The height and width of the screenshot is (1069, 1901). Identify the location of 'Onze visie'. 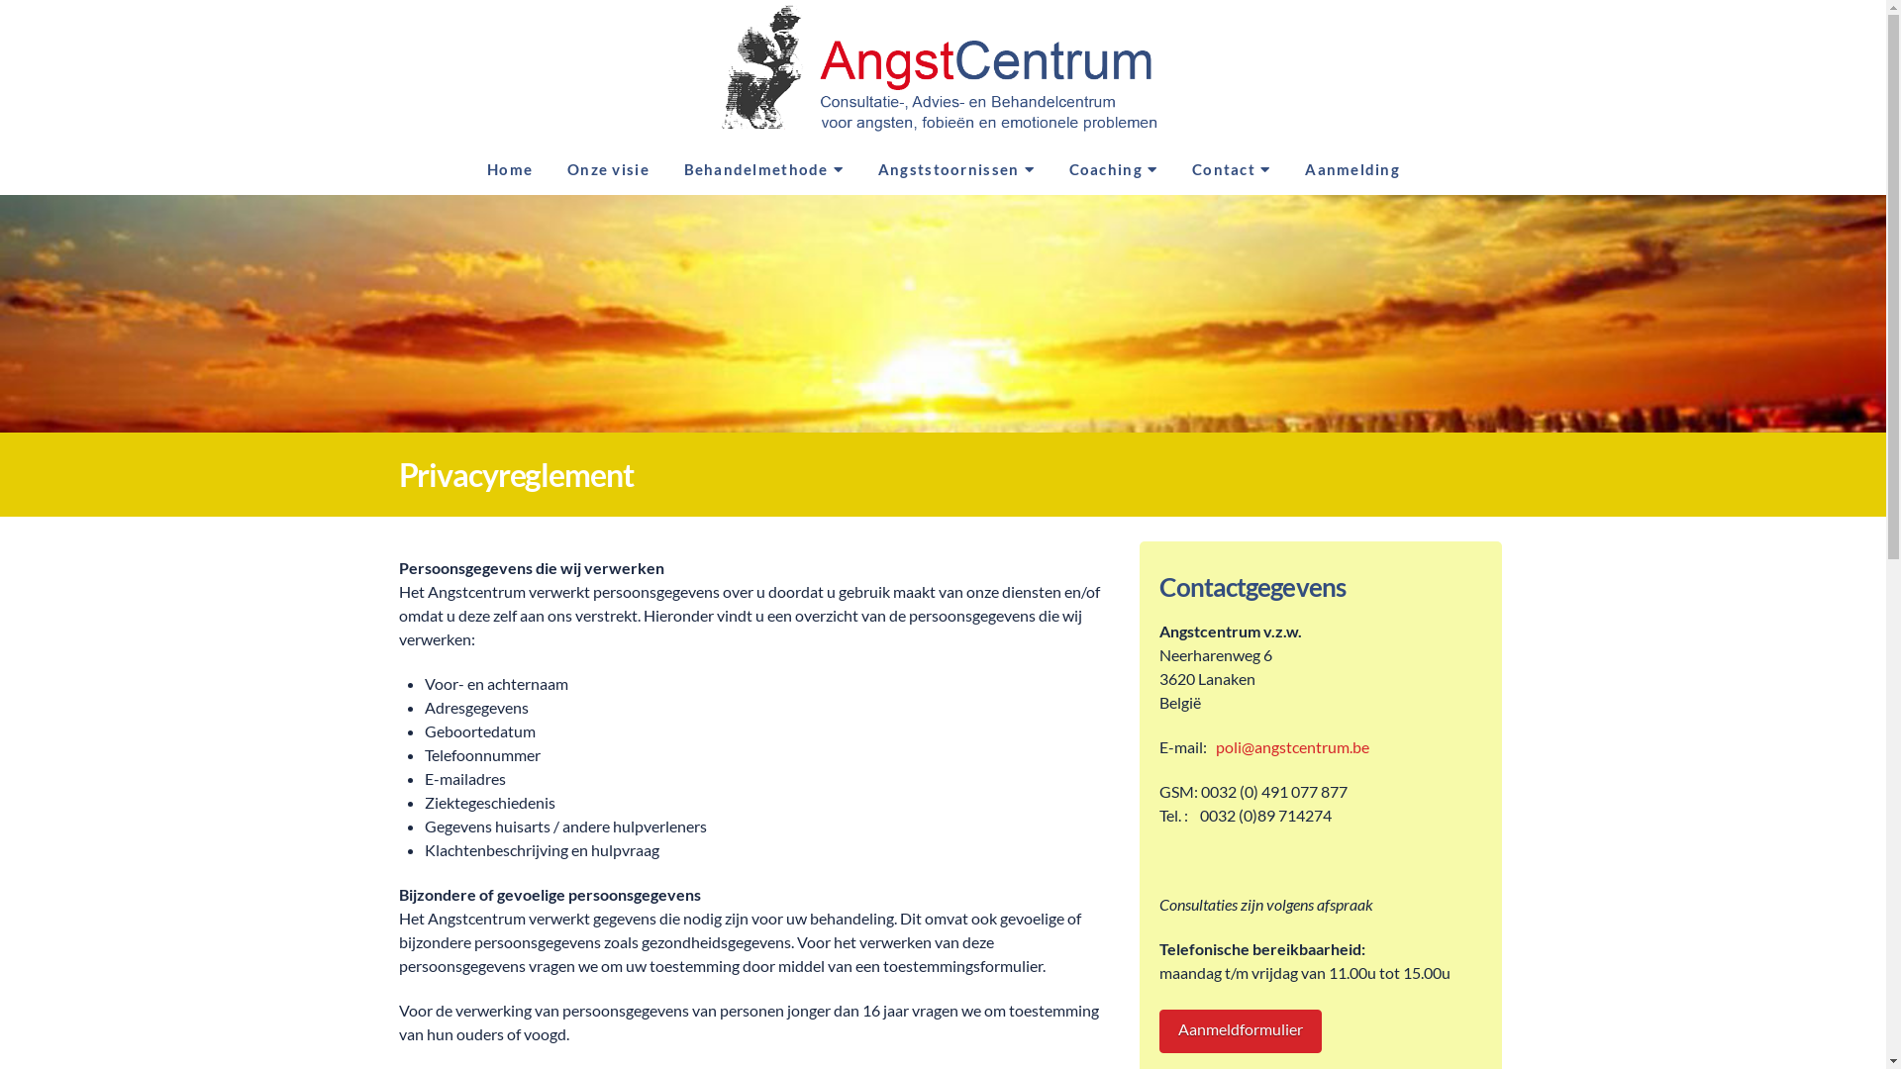
(606, 171).